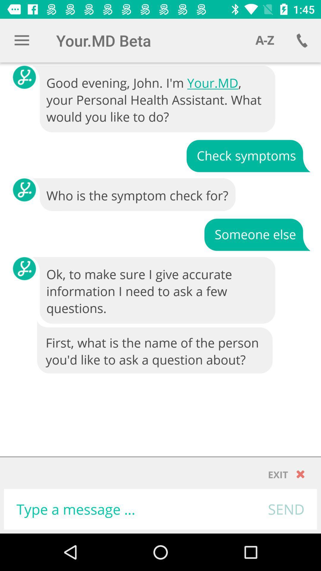 The width and height of the screenshot is (321, 571). Describe the element at coordinates (286, 509) in the screenshot. I see `send item` at that location.